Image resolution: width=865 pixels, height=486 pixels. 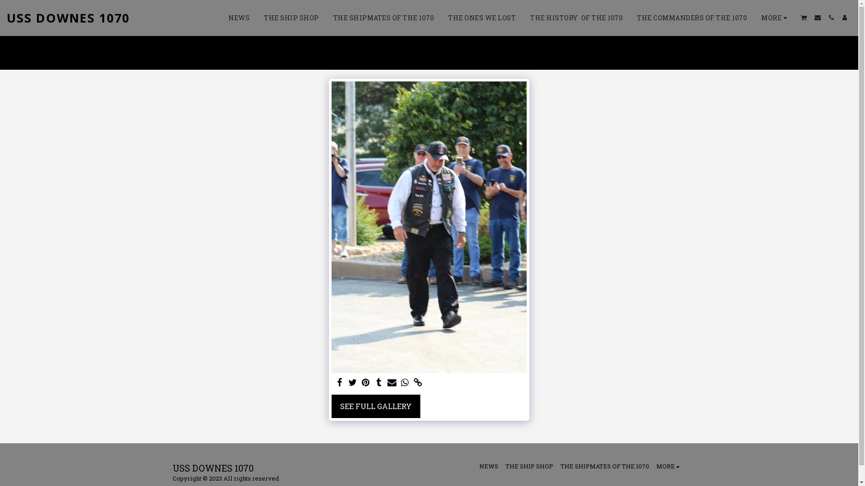 What do you see at coordinates (775, 18) in the screenshot?
I see `'MORE  '` at bounding box center [775, 18].